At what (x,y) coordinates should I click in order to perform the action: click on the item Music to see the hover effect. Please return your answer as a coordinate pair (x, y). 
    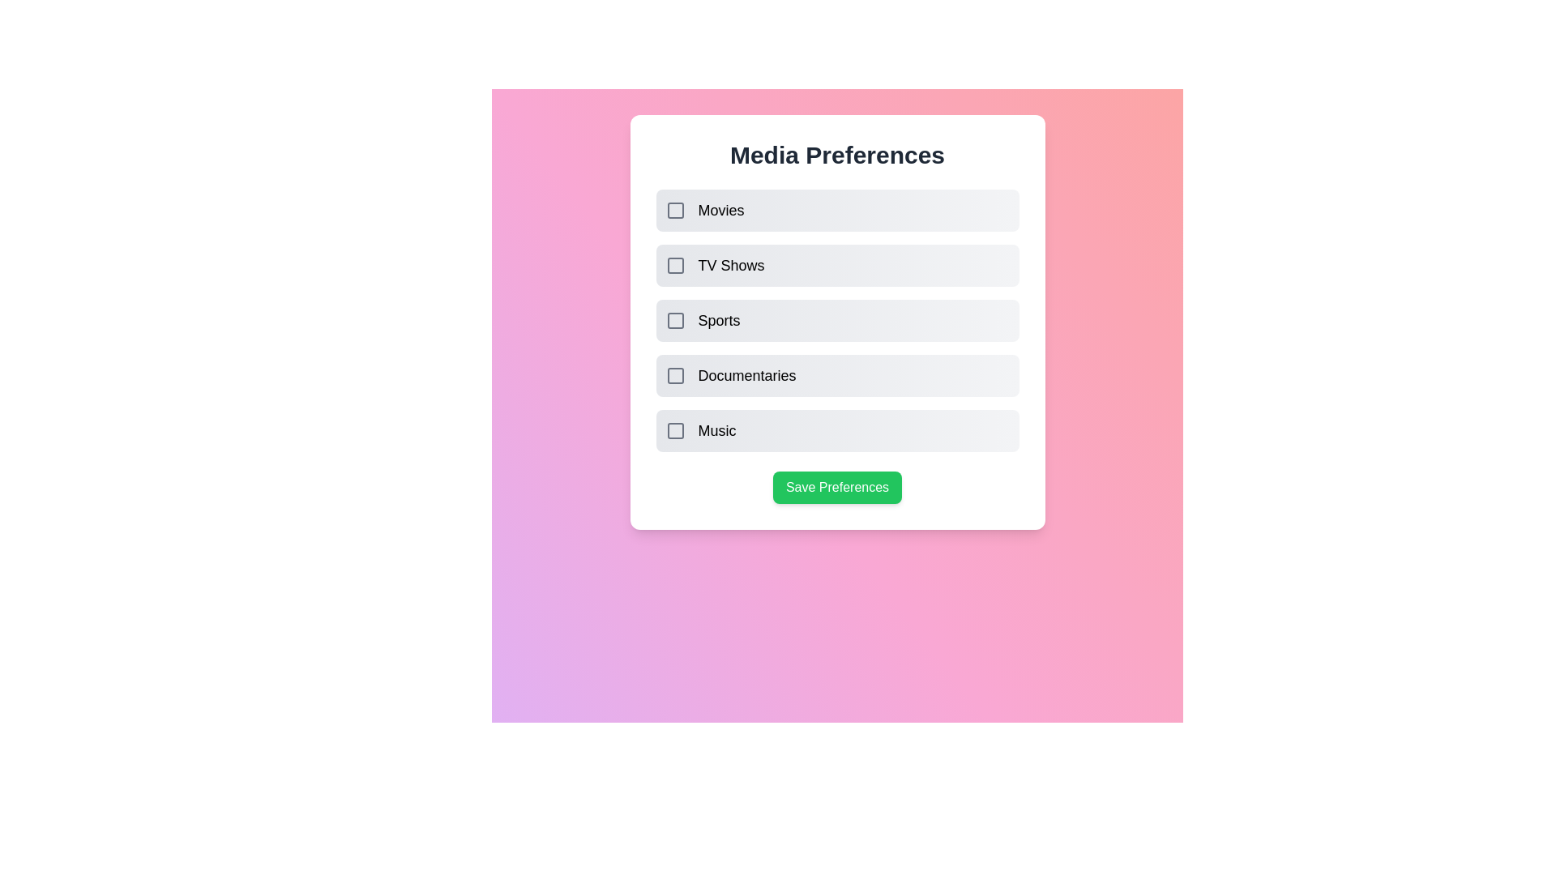
    Looking at the image, I should click on (837, 430).